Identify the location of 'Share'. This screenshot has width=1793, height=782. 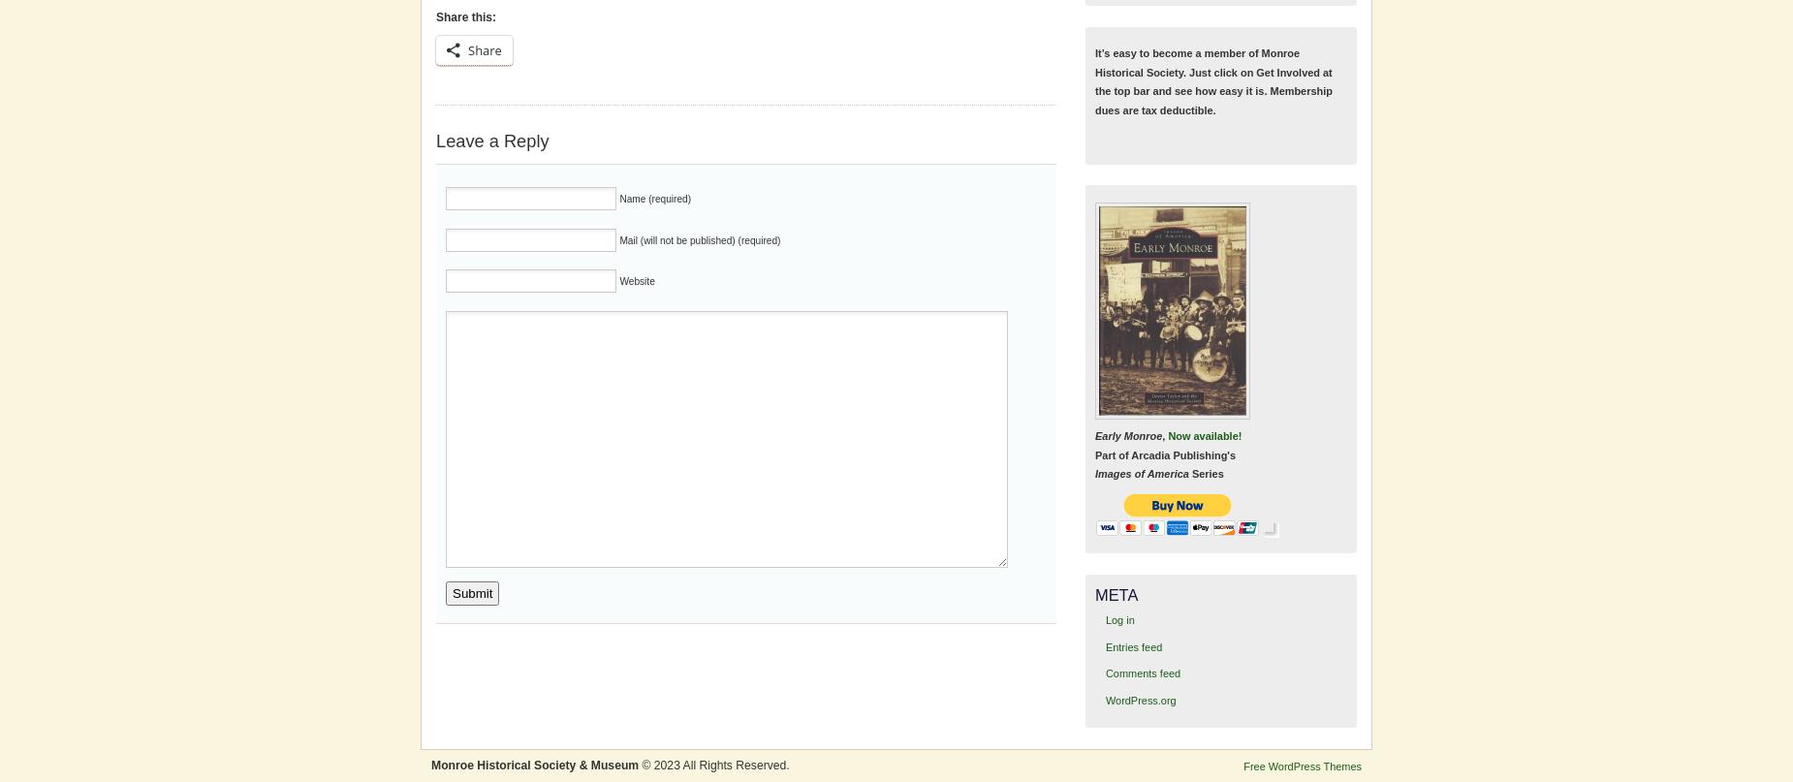
(468, 49).